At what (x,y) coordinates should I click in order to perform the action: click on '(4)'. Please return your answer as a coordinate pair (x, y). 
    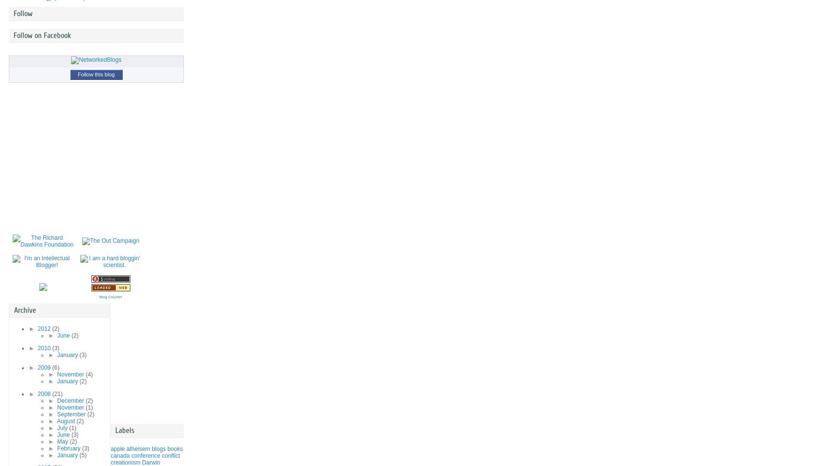
    Looking at the image, I should click on (85, 375).